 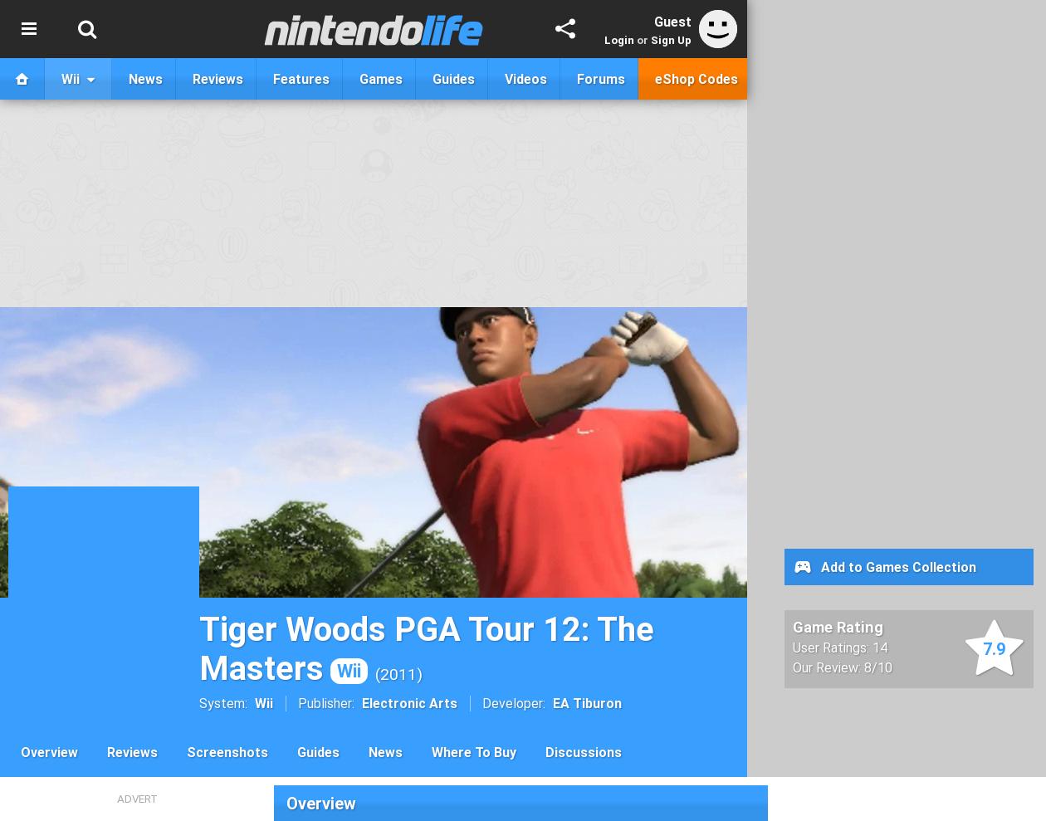 I want to click on 'Our Review:', so click(x=828, y=667).